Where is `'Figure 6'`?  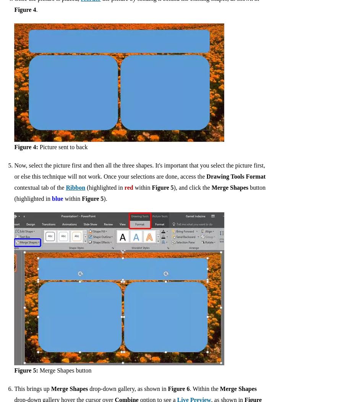 'Figure 6' is located at coordinates (167, 388).